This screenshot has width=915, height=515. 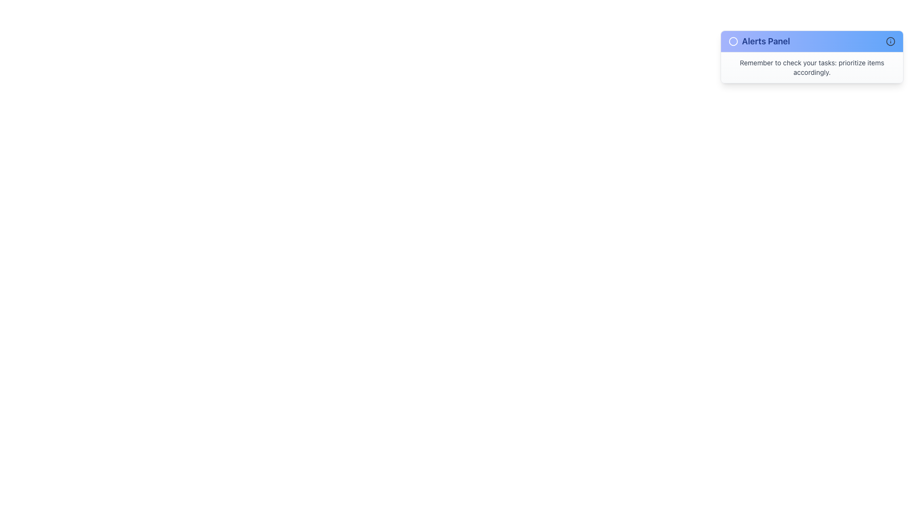 What do you see at coordinates (812, 67) in the screenshot?
I see `the static text element displaying 'Remember to check your tasks: prioritize items accordingly.' located in the lower section of the 'Alerts Panel' box` at bounding box center [812, 67].